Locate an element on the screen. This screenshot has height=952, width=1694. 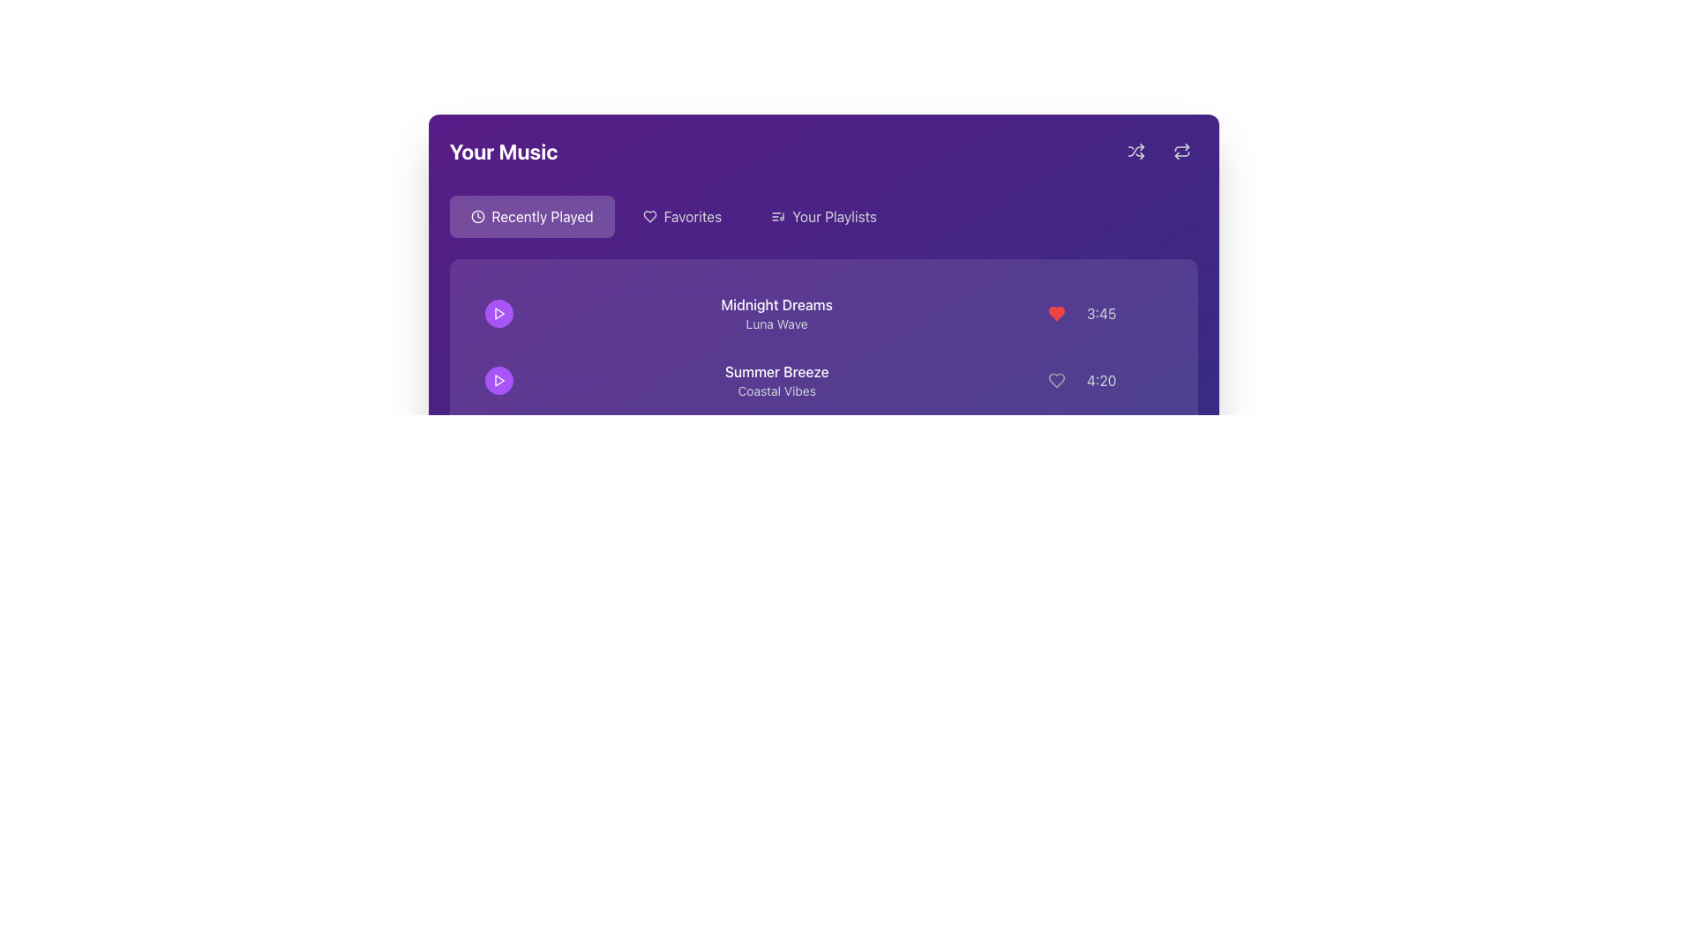
the 'Coastal Vibes' text label, which is displayed in a smaller gray font beneath the 'Summer Breeze' title in the music application interface is located at coordinates (776, 390).